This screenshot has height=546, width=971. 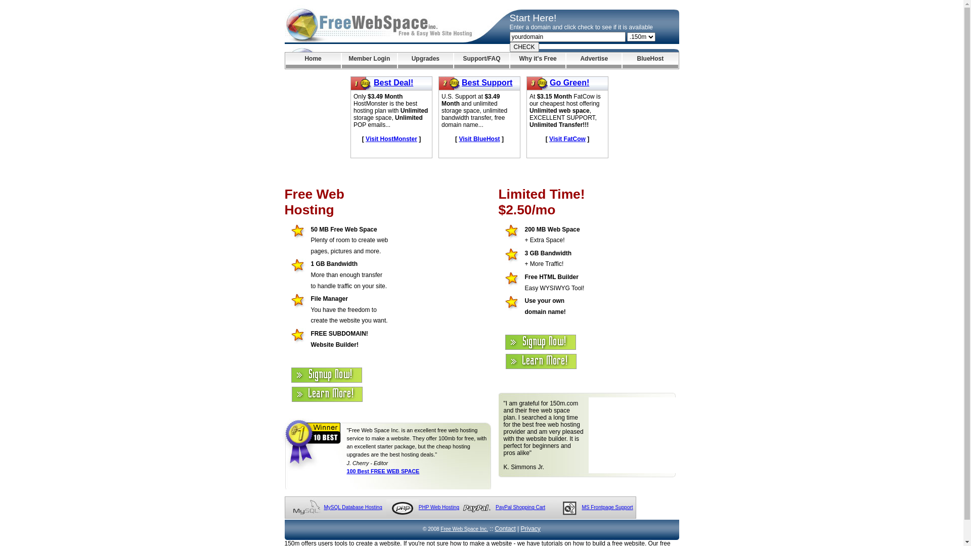 What do you see at coordinates (530, 528) in the screenshot?
I see `'Privacy'` at bounding box center [530, 528].